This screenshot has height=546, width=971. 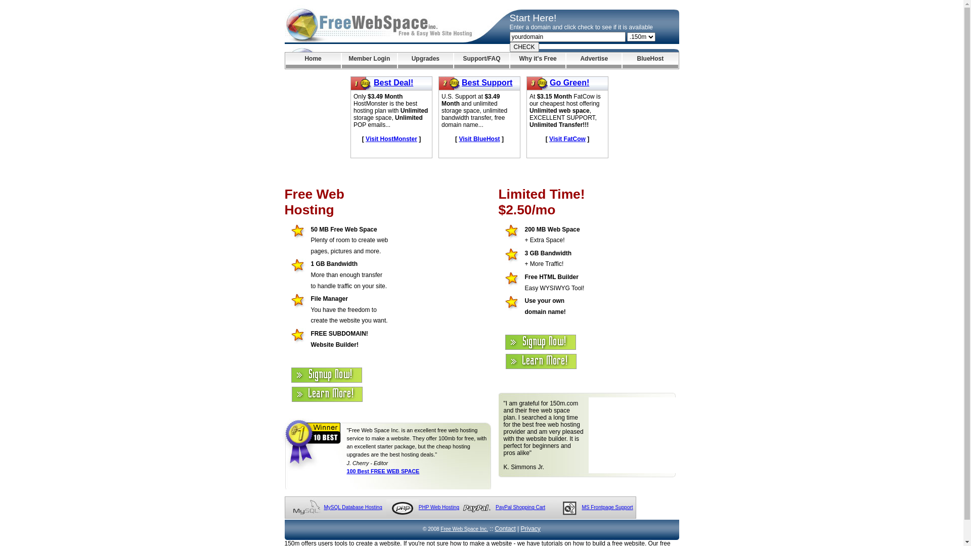 What do you see at coordinates (530, 528) in the screenshot?
I see `'Privacy'` at bounding box center [530, 528].